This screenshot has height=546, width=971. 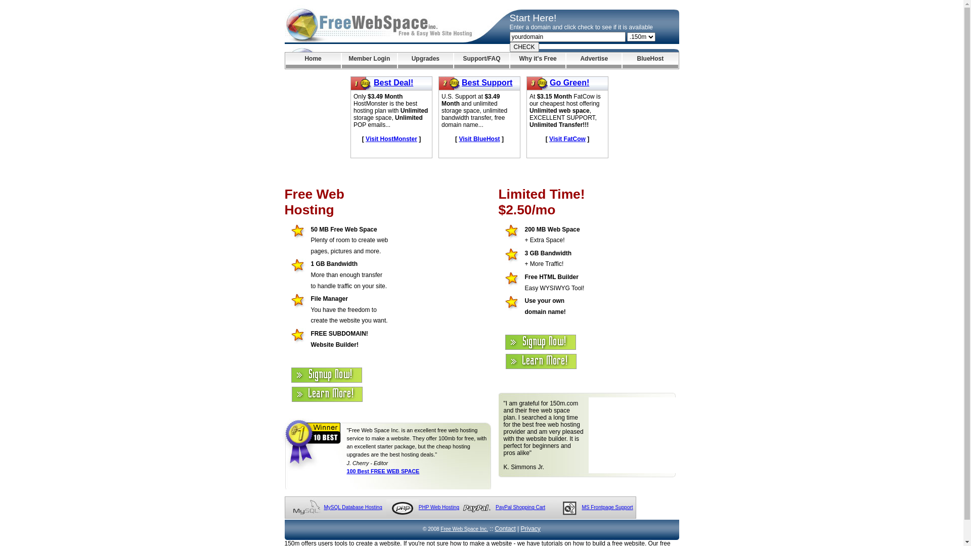 What do you see at coordinates (530, 528) in the screenshot?
I see `'Privacy'` at bounding box center [530, 528].